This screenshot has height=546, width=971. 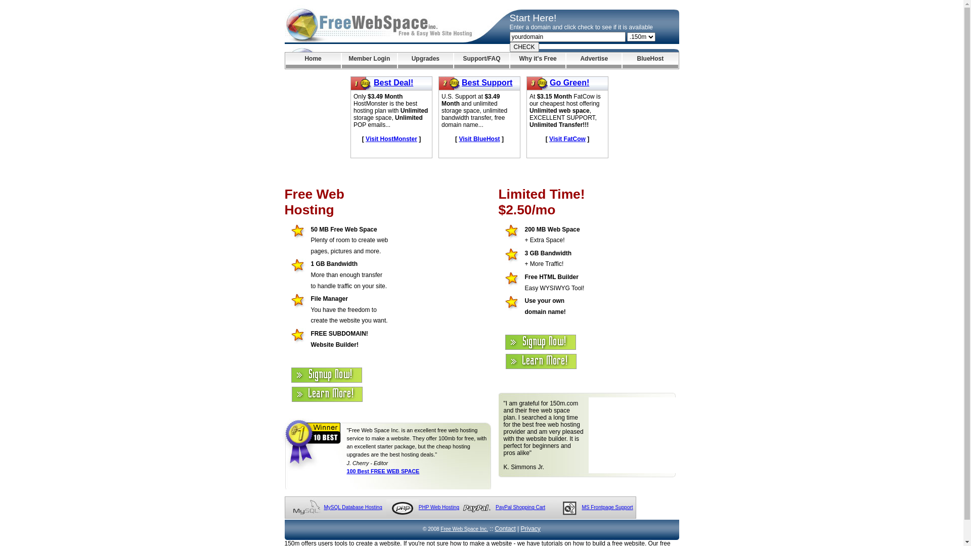 What do you see at coordinates (530, 528) in the screenshot?
I see `'Privacy'` at bounding box center [530, 528].